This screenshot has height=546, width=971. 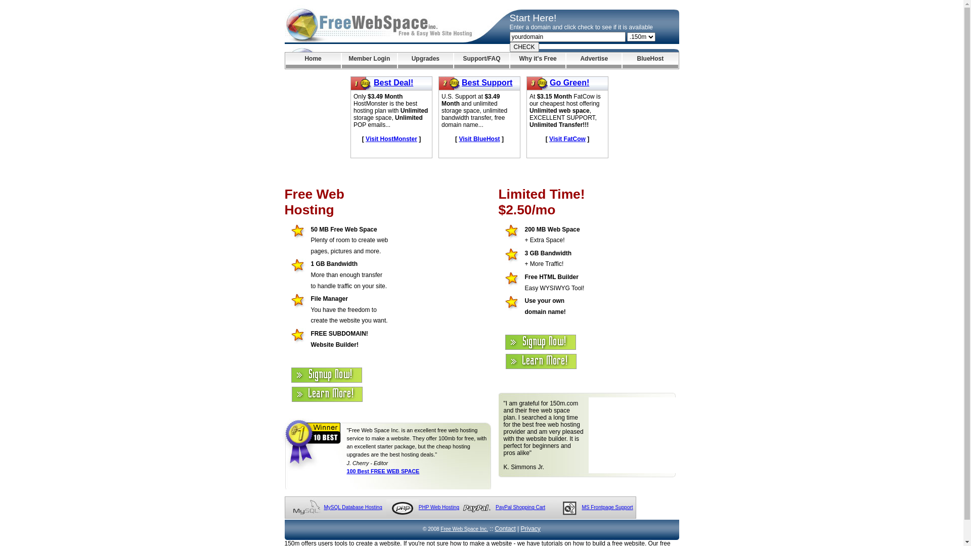 What do you see at coordinates (530, 528) in the screenshot?
I see `'Privacy'` at bounding box center [530, 528].